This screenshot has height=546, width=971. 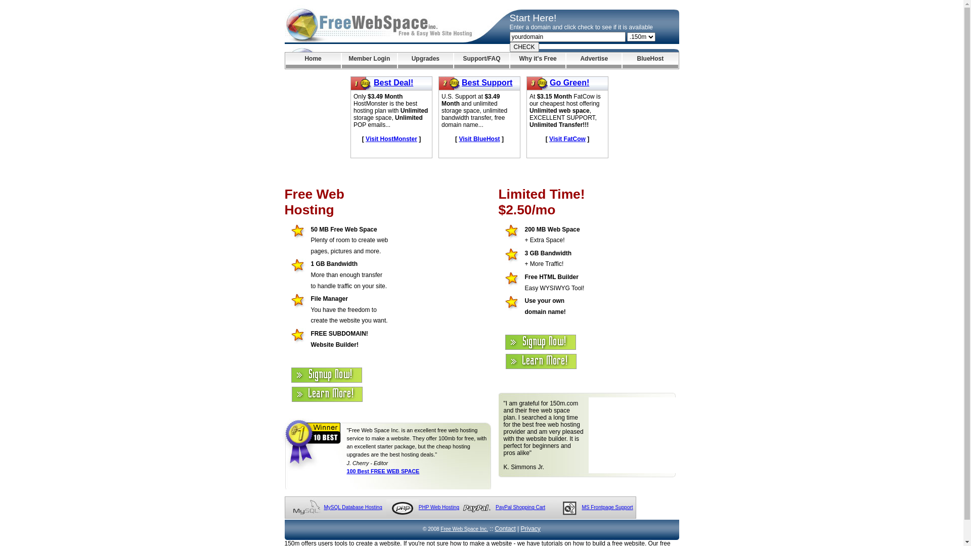 What do you see at coordinates (530, 528) in the screenshot?
I see `'Privacy'` at bounding box center [530, 528].